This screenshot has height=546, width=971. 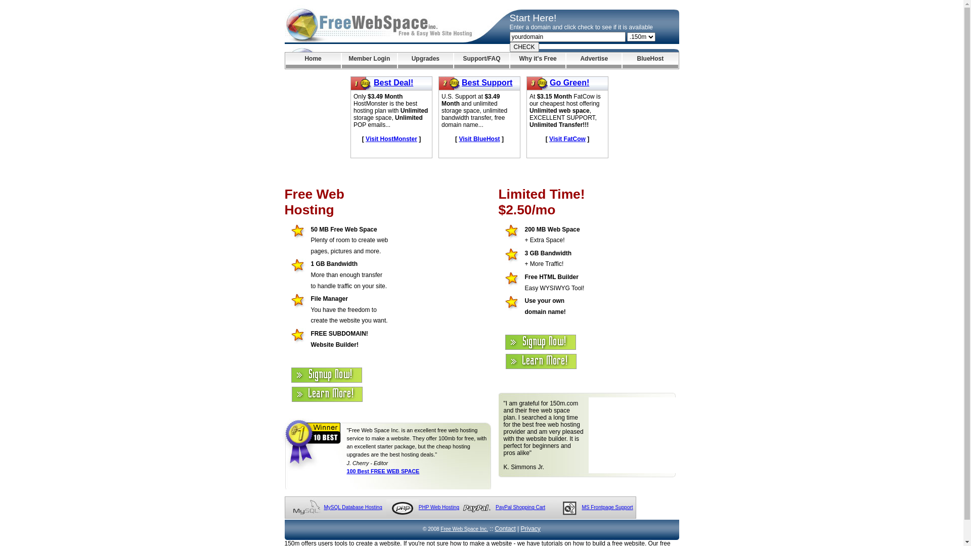 What do you see at coordinates (530, 528) in the screenshot?
I see `'Privacy'` at bounding box center [530, 528].